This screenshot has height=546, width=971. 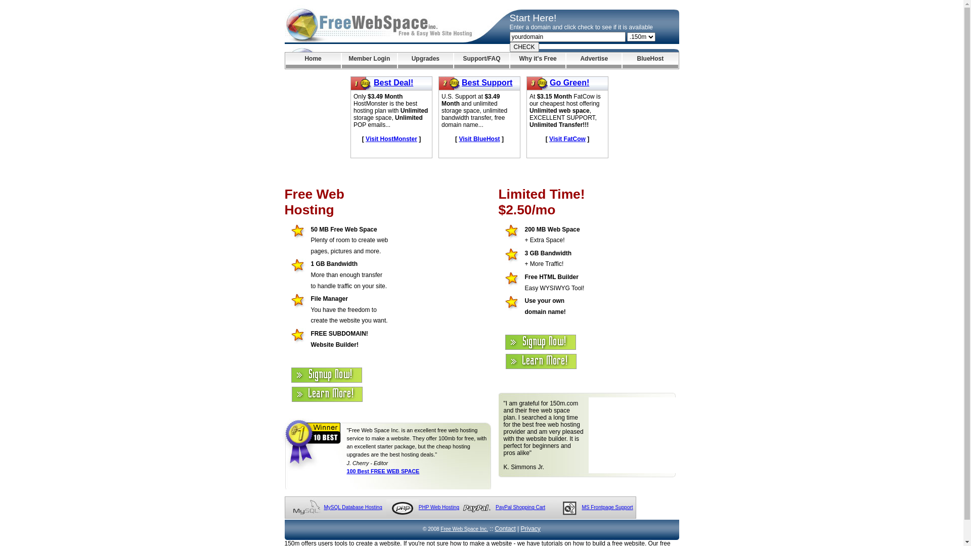 What do you see at coordinates (530, 528) in the screenshot?
I see `'Privacy'` at bounding box center [530, 528].